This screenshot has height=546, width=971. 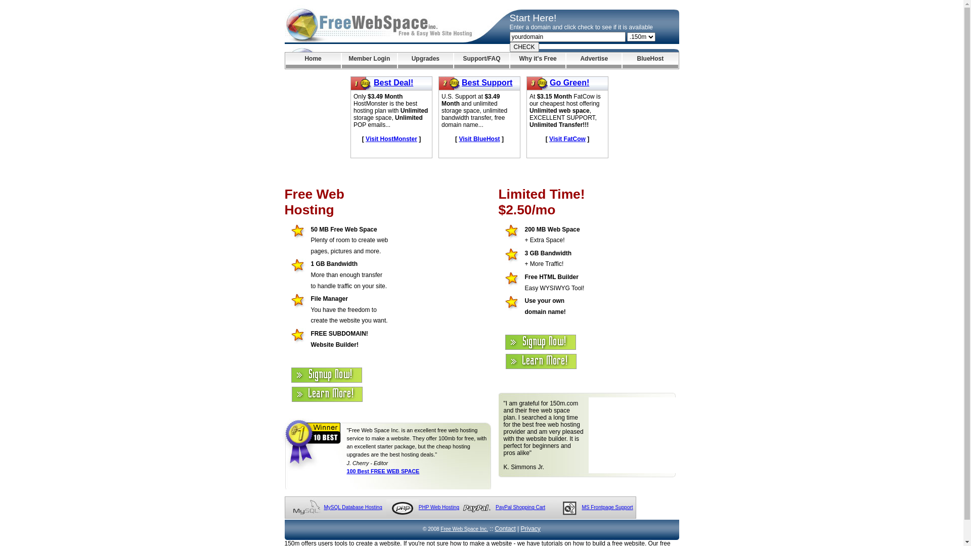 What do you see at coordinates (530, 528) in the screenshot?
I see `'Privacy'` at bounding box center [530, 528].